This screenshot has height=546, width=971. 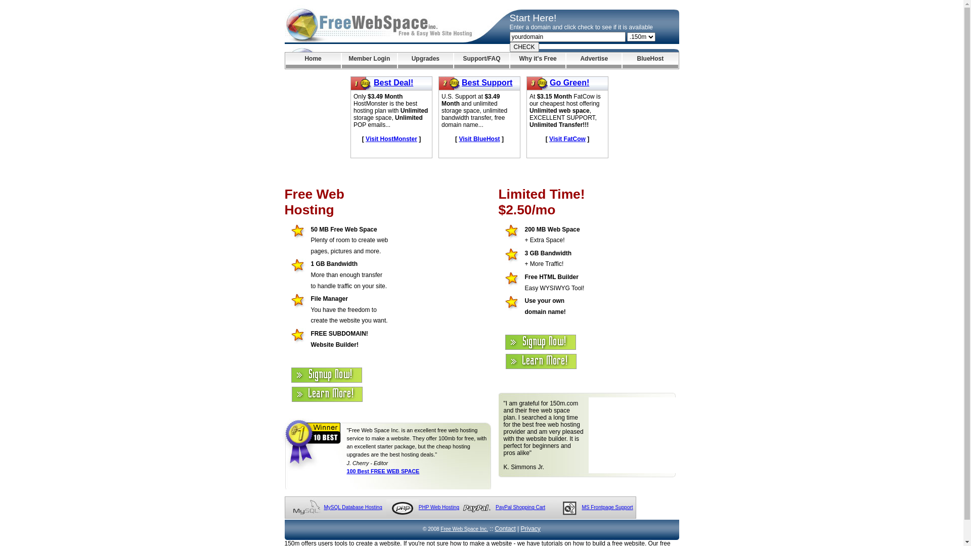 What do you see at coordinates (530, 528) in the screenshot?
I see `'Privacy'` at bounding box center [530, 528].